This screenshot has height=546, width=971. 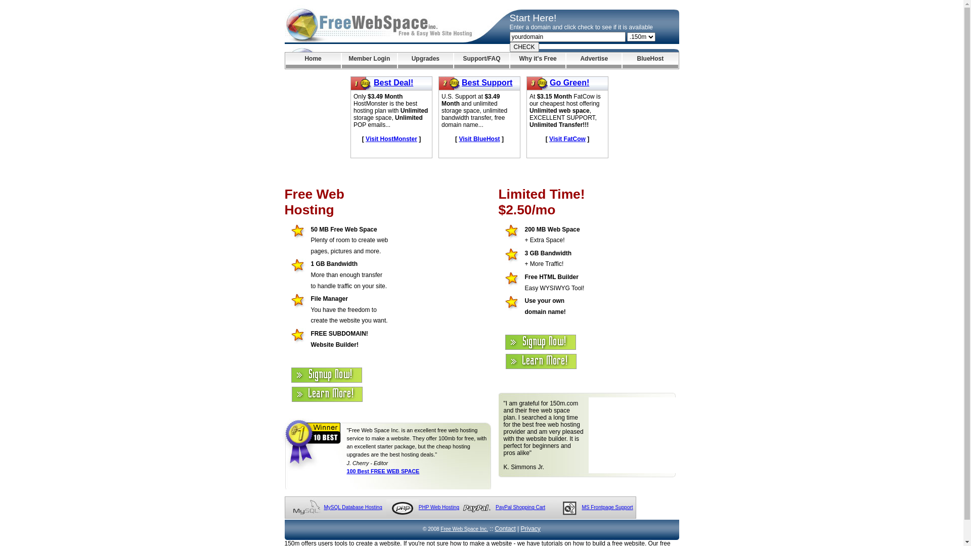 What do you see at coordinates (530, 528) in the screenshot?
I see `'Privacy'` at bounding box center [530, 528].